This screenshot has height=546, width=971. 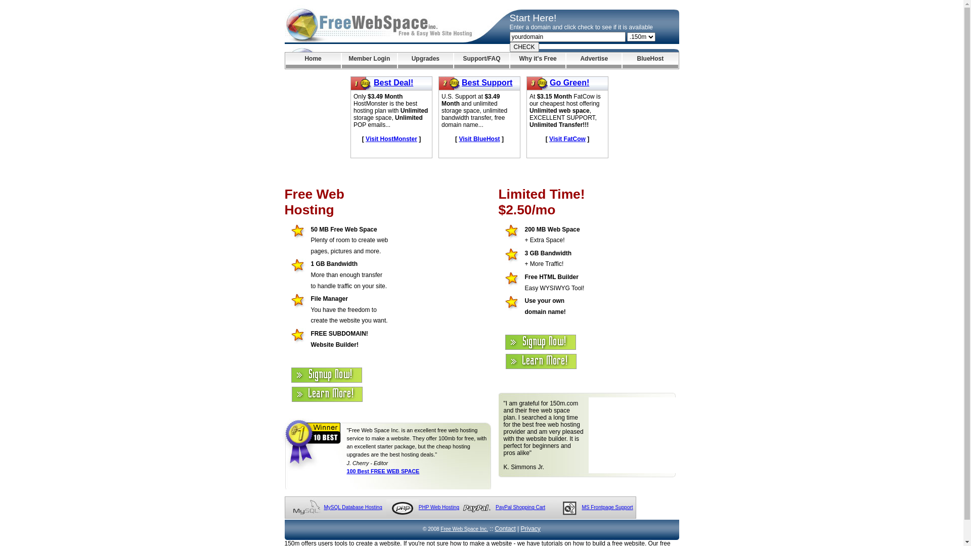 What do you see at coordinates (530, 528) in the screenshot?
I see `'Privacy'` at bounding box center [530, 528].